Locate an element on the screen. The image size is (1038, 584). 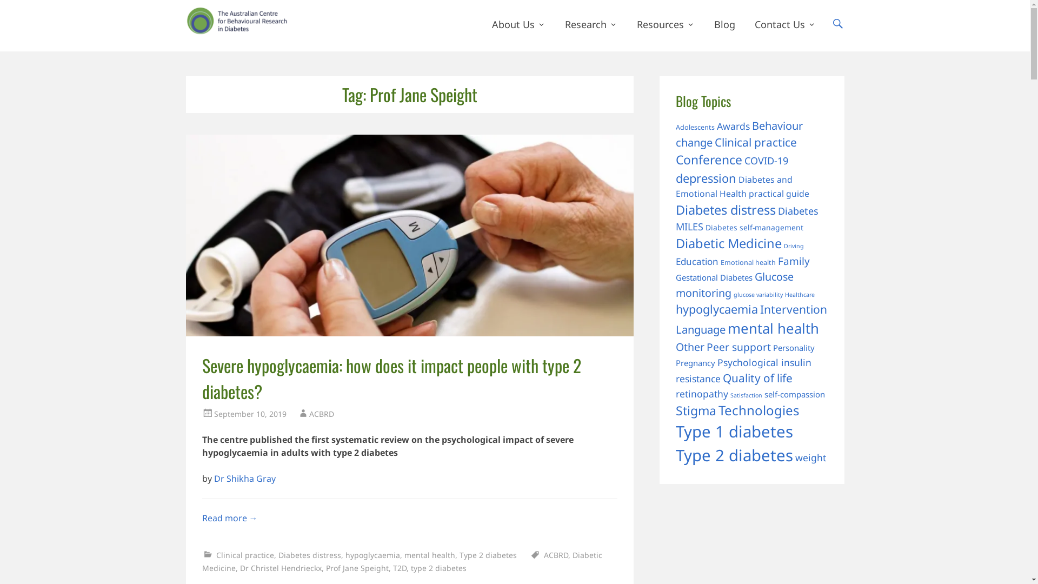
'Dr Shikha Gray' is located at coordinates (244, 477).